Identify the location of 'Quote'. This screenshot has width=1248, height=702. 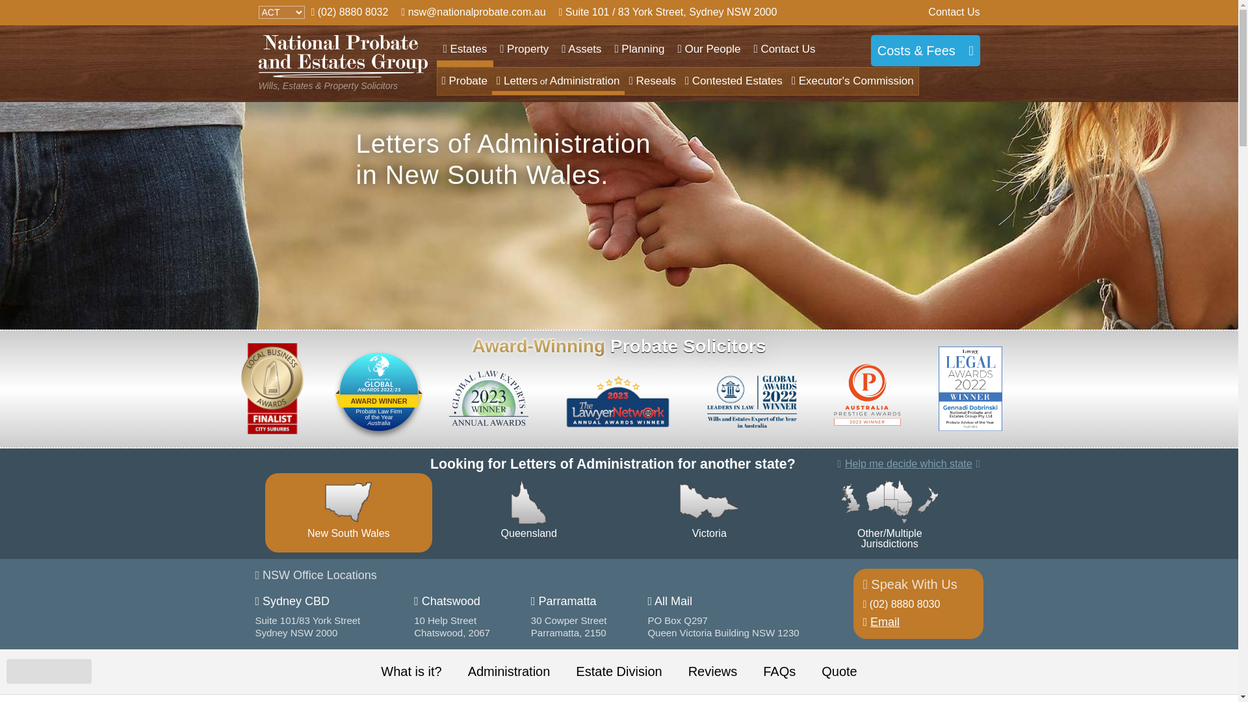
(839, 671).